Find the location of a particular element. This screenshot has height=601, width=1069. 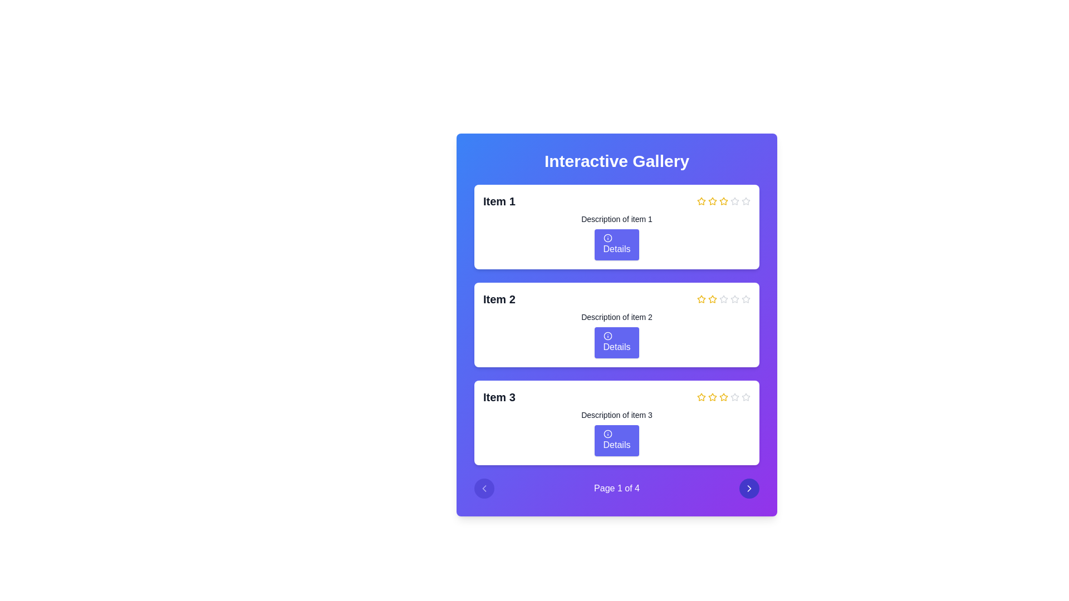

the second star icon in the rating indicator for 'Item 2' is located at coordinates (700, 298).